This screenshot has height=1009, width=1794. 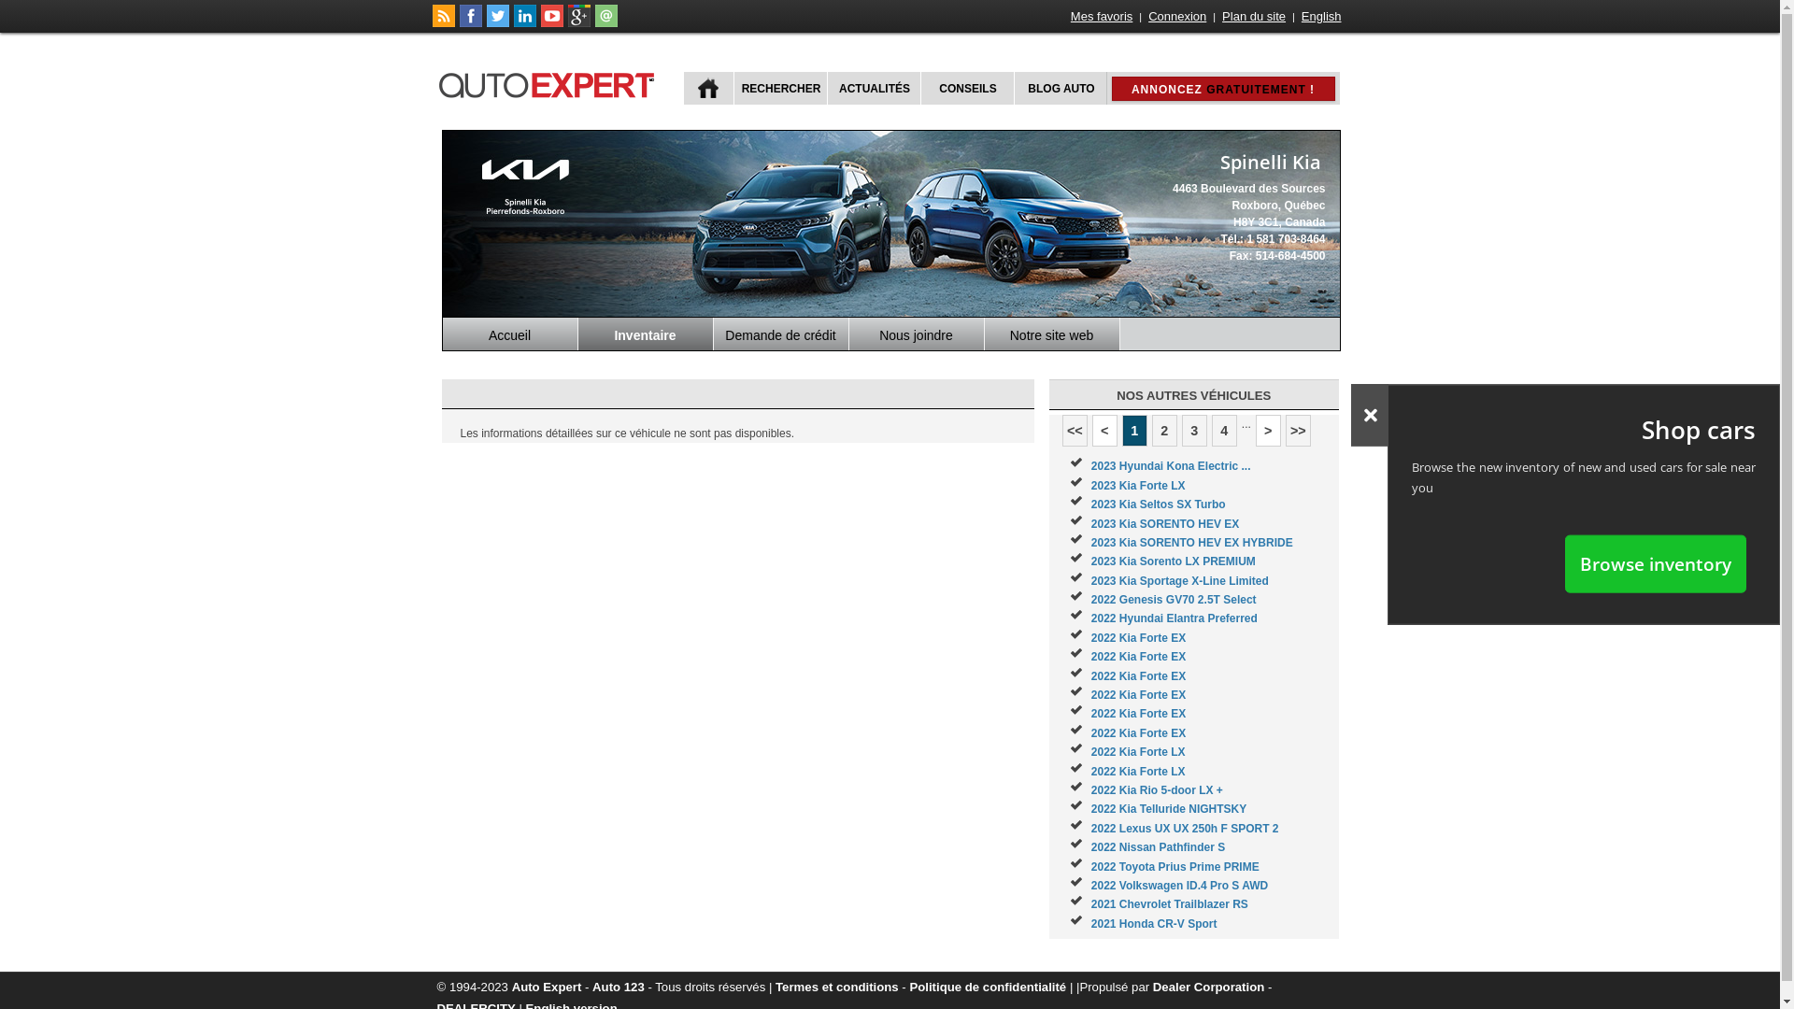 What do you see at coordinates (1168, 808) in the screenshot?
I see `'2022 Kia Telluride NIGHTSKY'` at bounding box center [1168, 808].